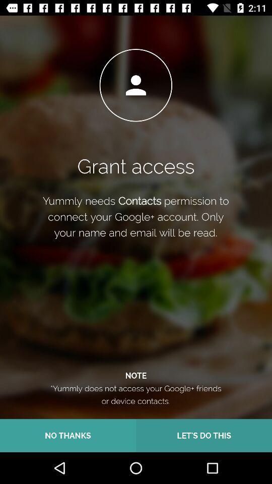 Image resolution: width=272 pixels, height=484 pixels. What do you see at coordinates (68, 435) in the screenshot?
I see `no thanks` at bounding box center [68, 435].